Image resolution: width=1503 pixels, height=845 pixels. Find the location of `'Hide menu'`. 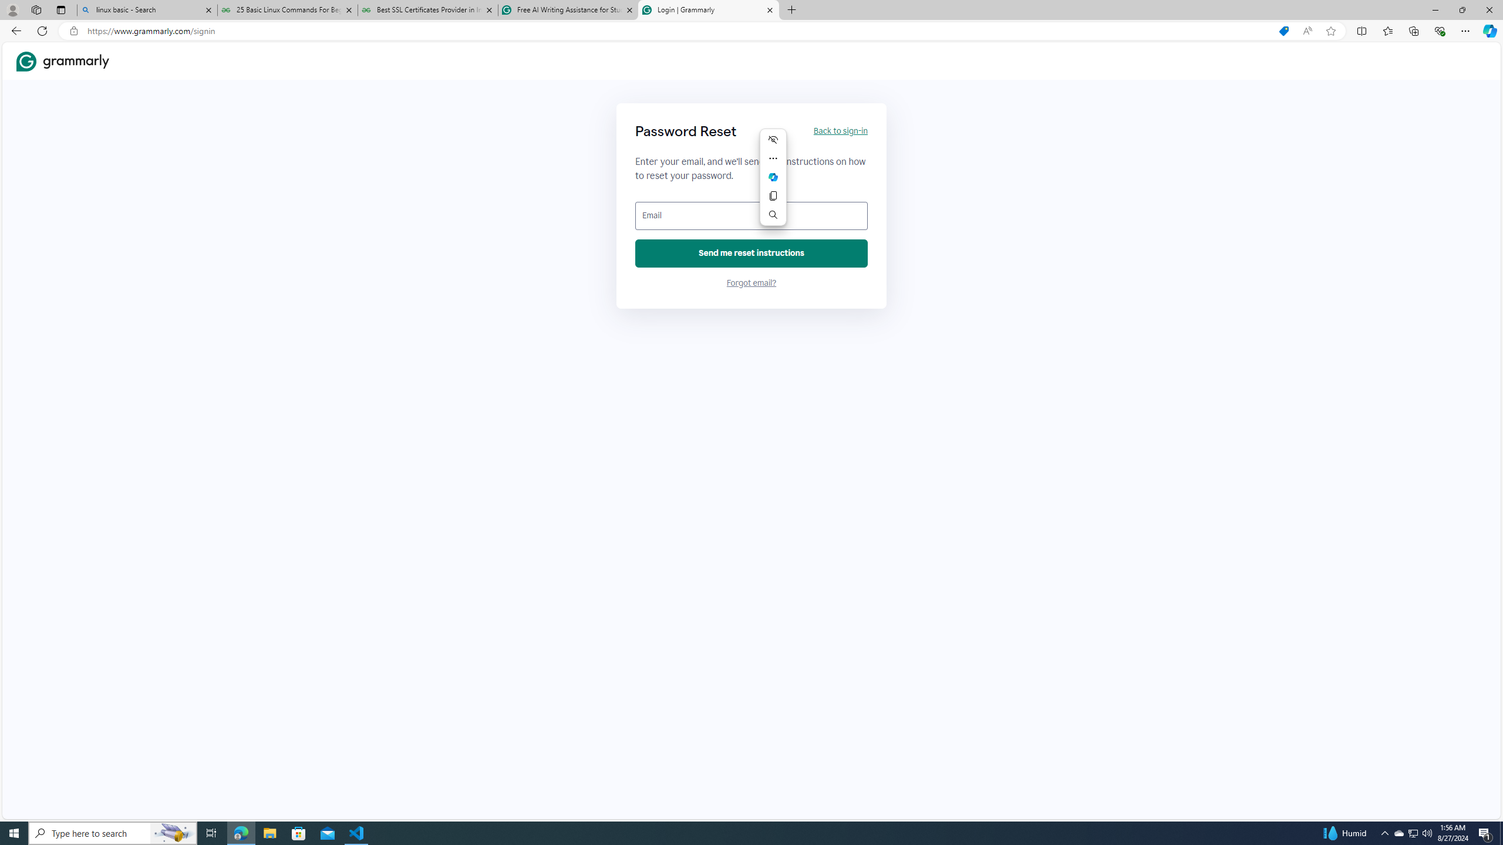

'Hide menu' is located at coordinates (773, 139).